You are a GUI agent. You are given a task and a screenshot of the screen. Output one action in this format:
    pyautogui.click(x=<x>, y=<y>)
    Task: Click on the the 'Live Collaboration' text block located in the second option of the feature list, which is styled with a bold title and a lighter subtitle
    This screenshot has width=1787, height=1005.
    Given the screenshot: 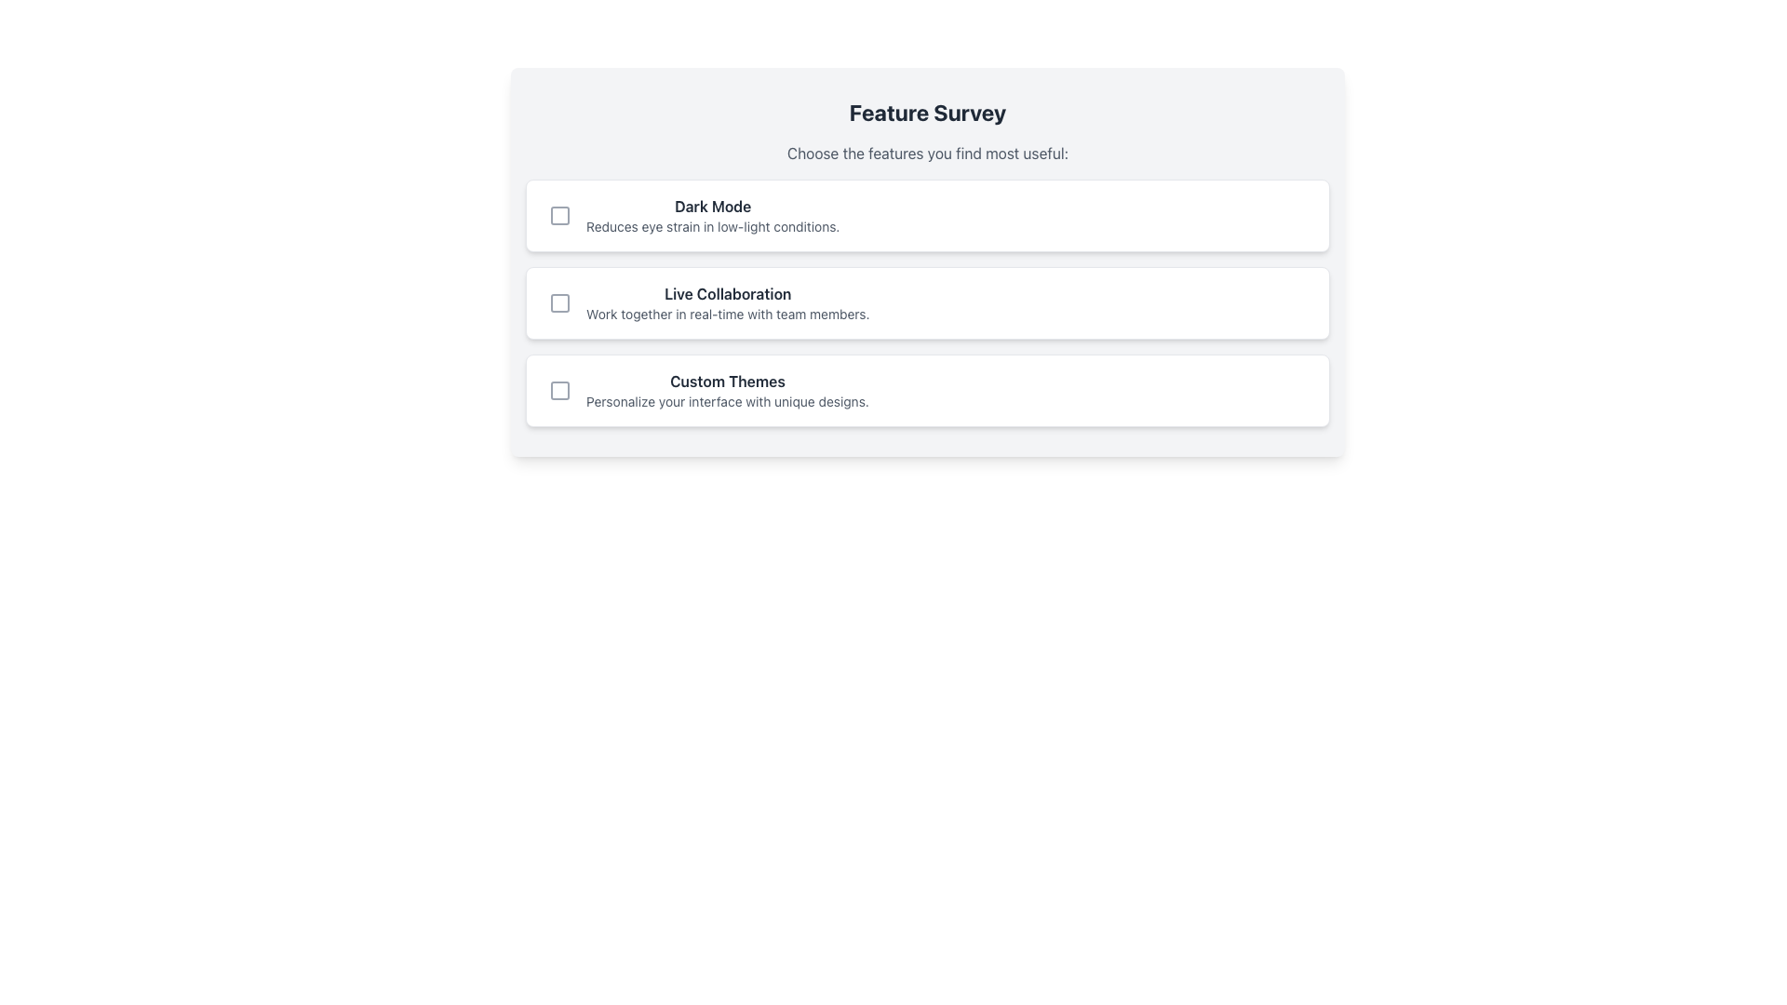 What is the action you would take?
    pyautogui.click(x=727, y=302)
    